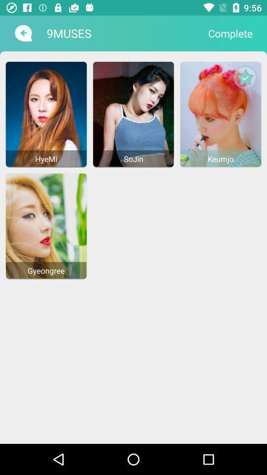 This screenshot has height=475, width=267. What do you see at coordinates (46, 226) in the screenshot?
I see `fourth image` at bounding box center [46, 226].